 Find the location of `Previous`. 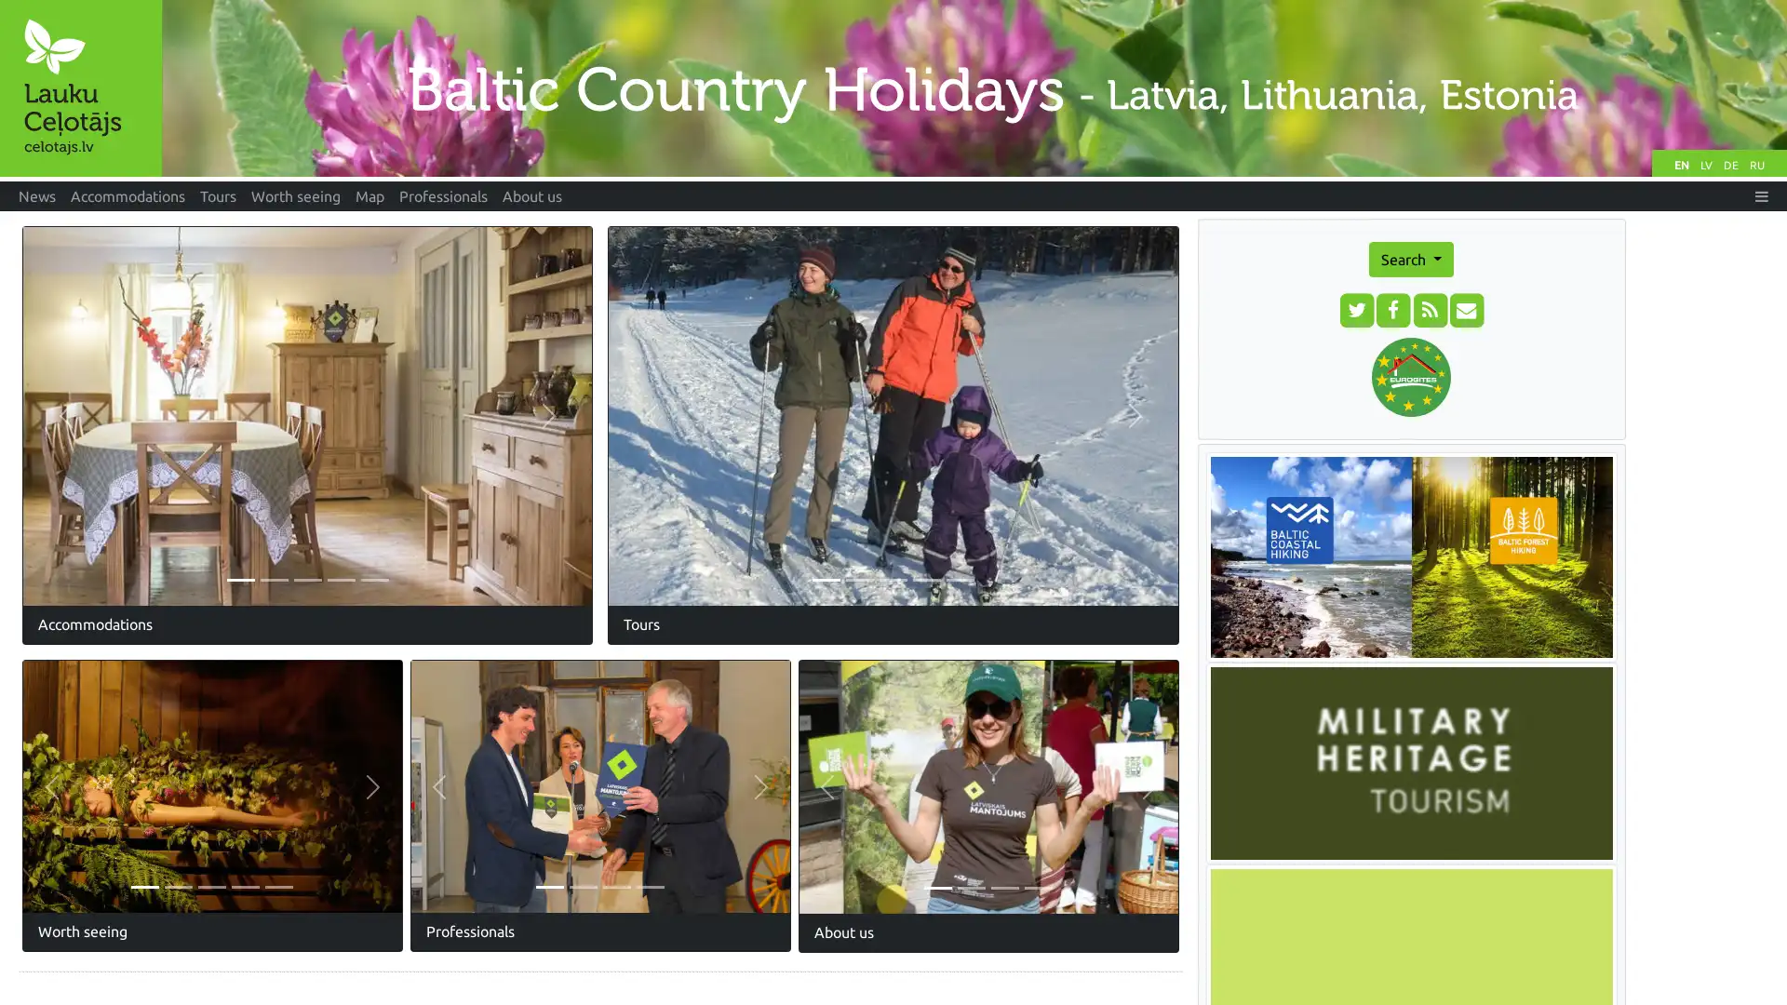

Previous is located at coordinates (826, 786).